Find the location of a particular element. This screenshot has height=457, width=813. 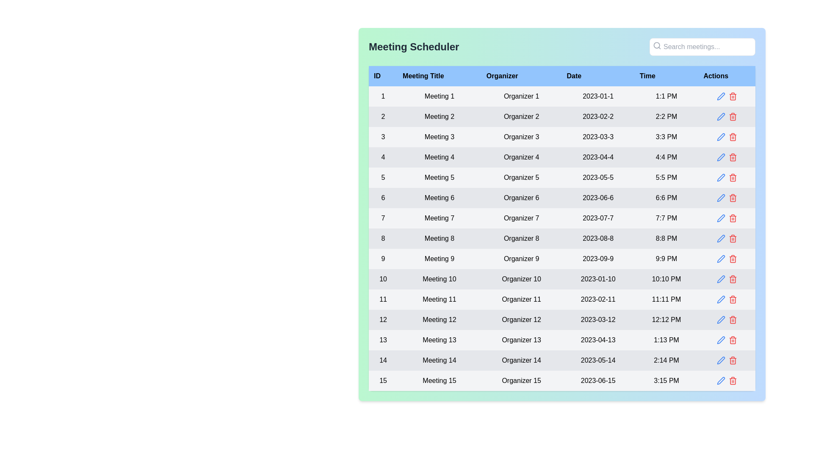

the static text displaying the date '2023-05-5' in the fifth row of the 'Date' column in the table is located at coordinates (597, 177).